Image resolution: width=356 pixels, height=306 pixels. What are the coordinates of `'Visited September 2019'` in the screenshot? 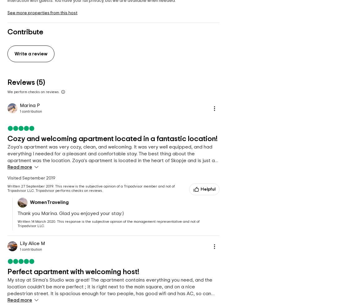 It's located at (31, 178).